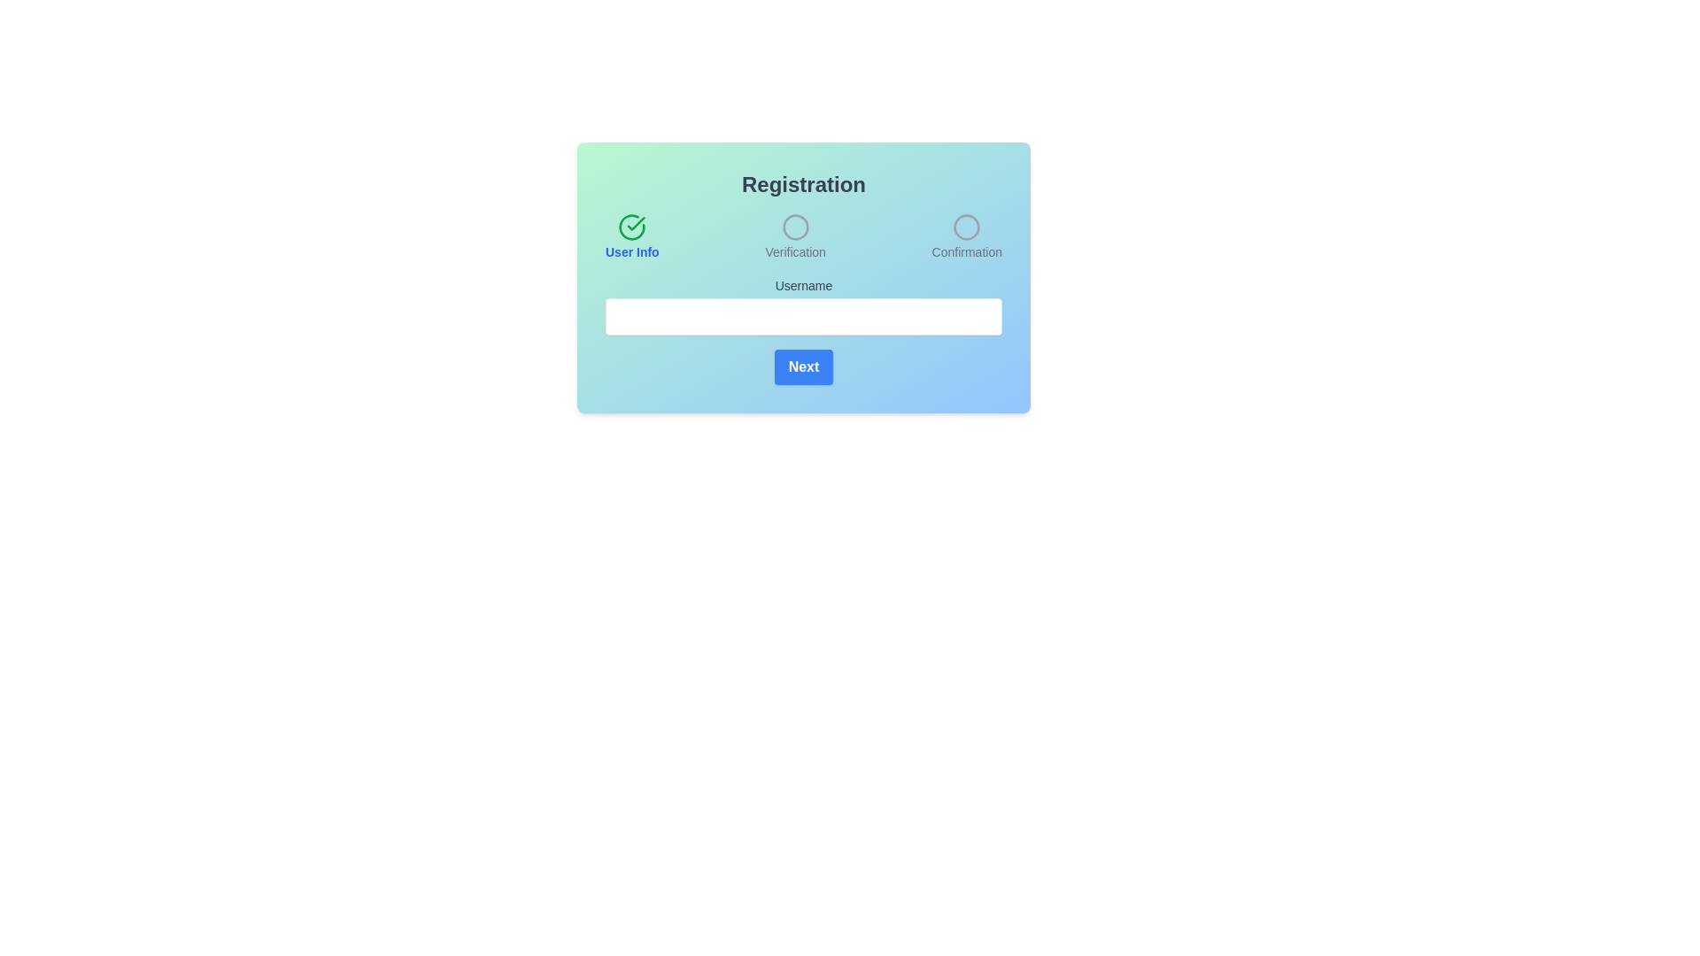 The image size is (1700, 956). What do you see at coordinates (966, 252) in the screenshot?
I see `the 'Confirmation' text label, which is styled in a small gray font and located below a circular icon in the registration process step indicators` at bounding box center [966, 252].